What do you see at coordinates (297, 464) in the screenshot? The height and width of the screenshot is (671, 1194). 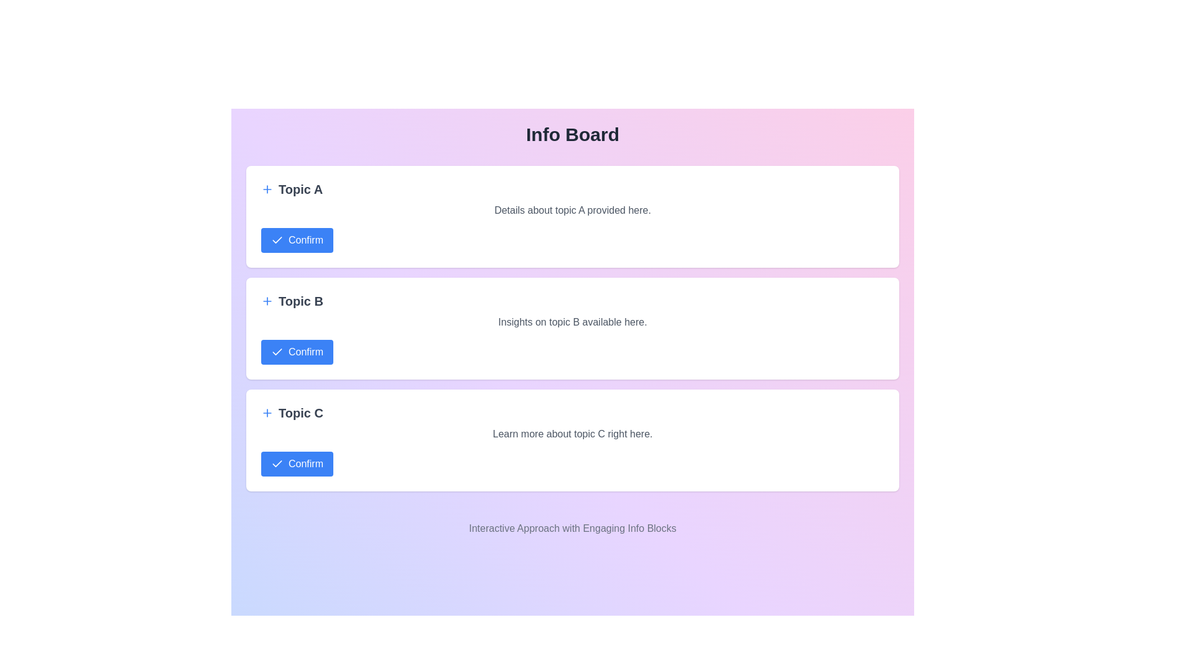 I see `the 'Confirm' button with a blue background and a checkmark icon, located at the bottom of the card for 'Topic C' to confirm` at bounding box center [297, 464].